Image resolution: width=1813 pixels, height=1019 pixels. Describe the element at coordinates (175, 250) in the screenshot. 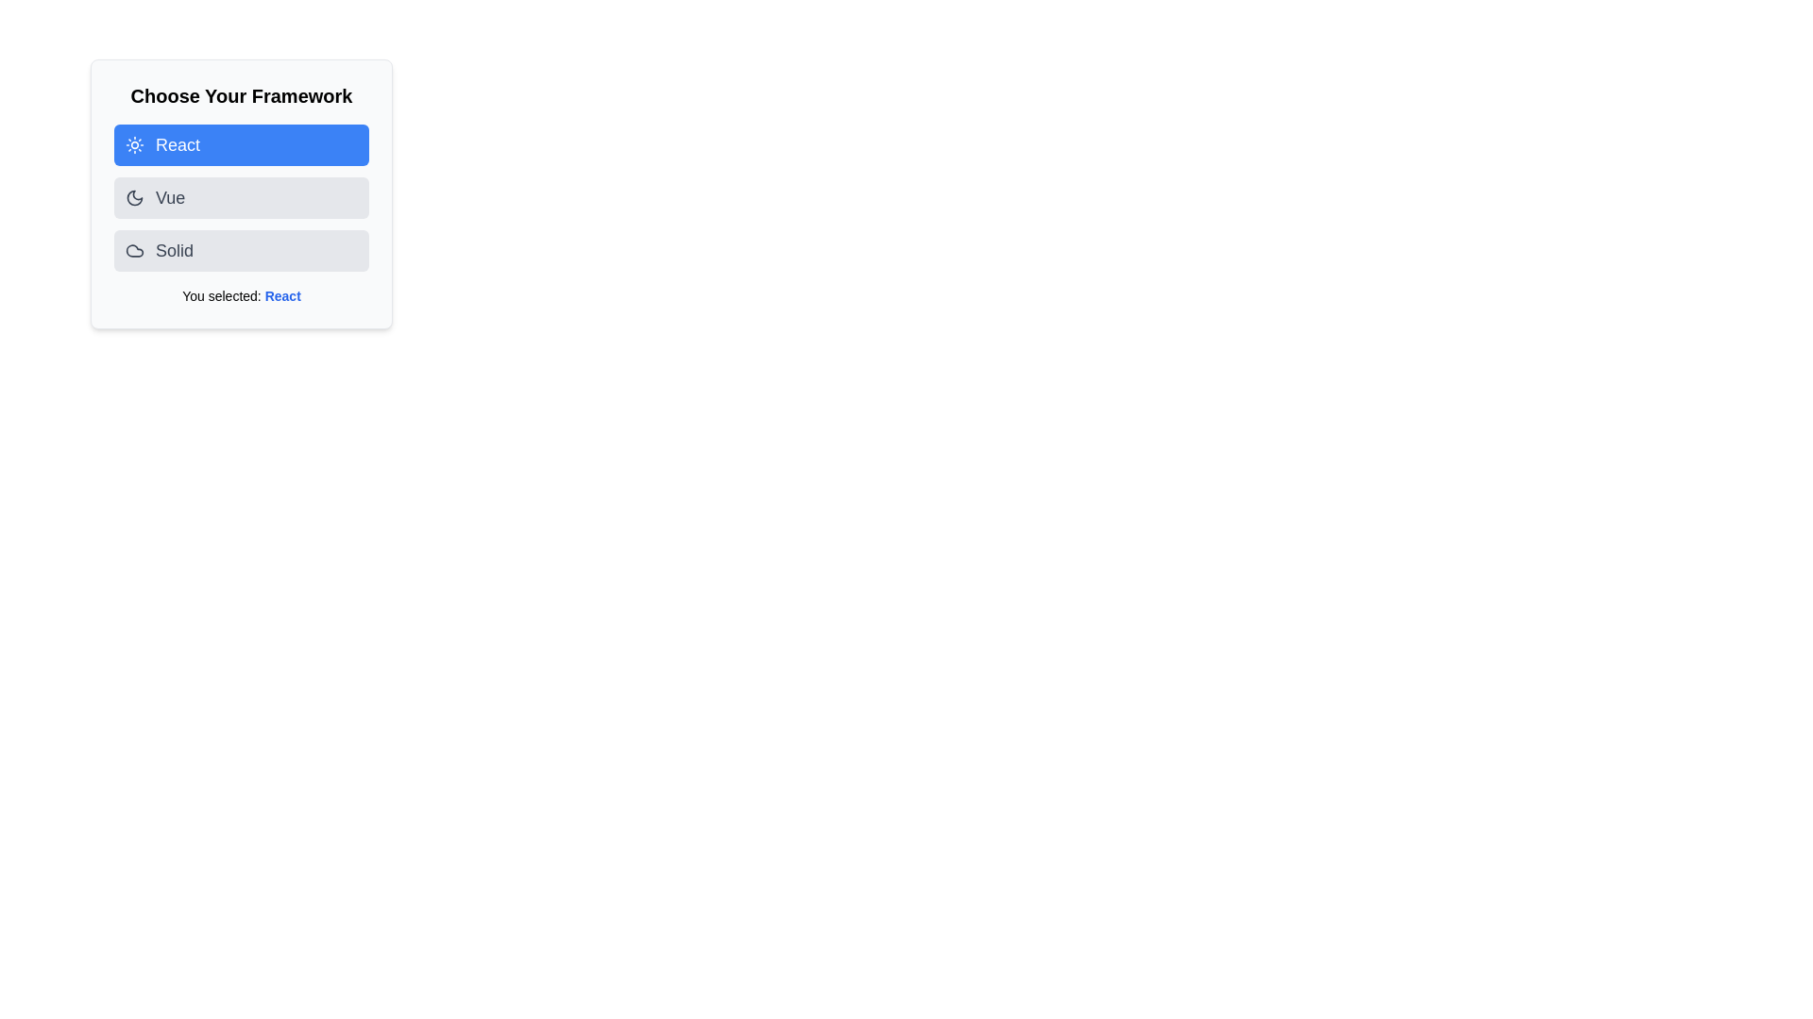

I see `text label displaying 'Solid' which is bold and located immediately to the right of the cloud icon in the 'Solid' option row` at that location.